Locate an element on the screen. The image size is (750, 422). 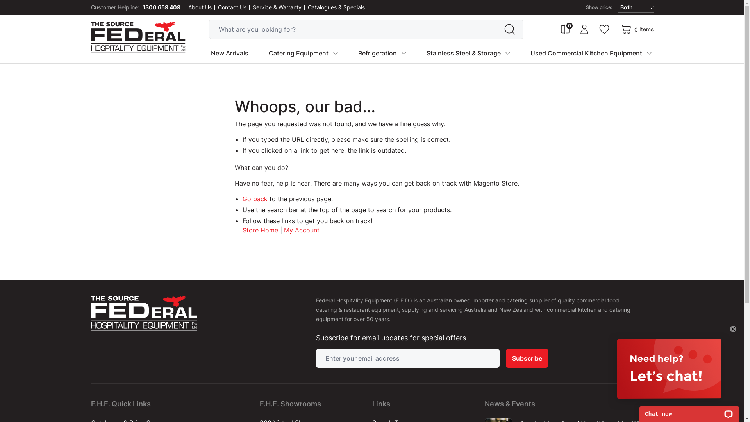
'Wishlist' is located at coordinates (604, 29).